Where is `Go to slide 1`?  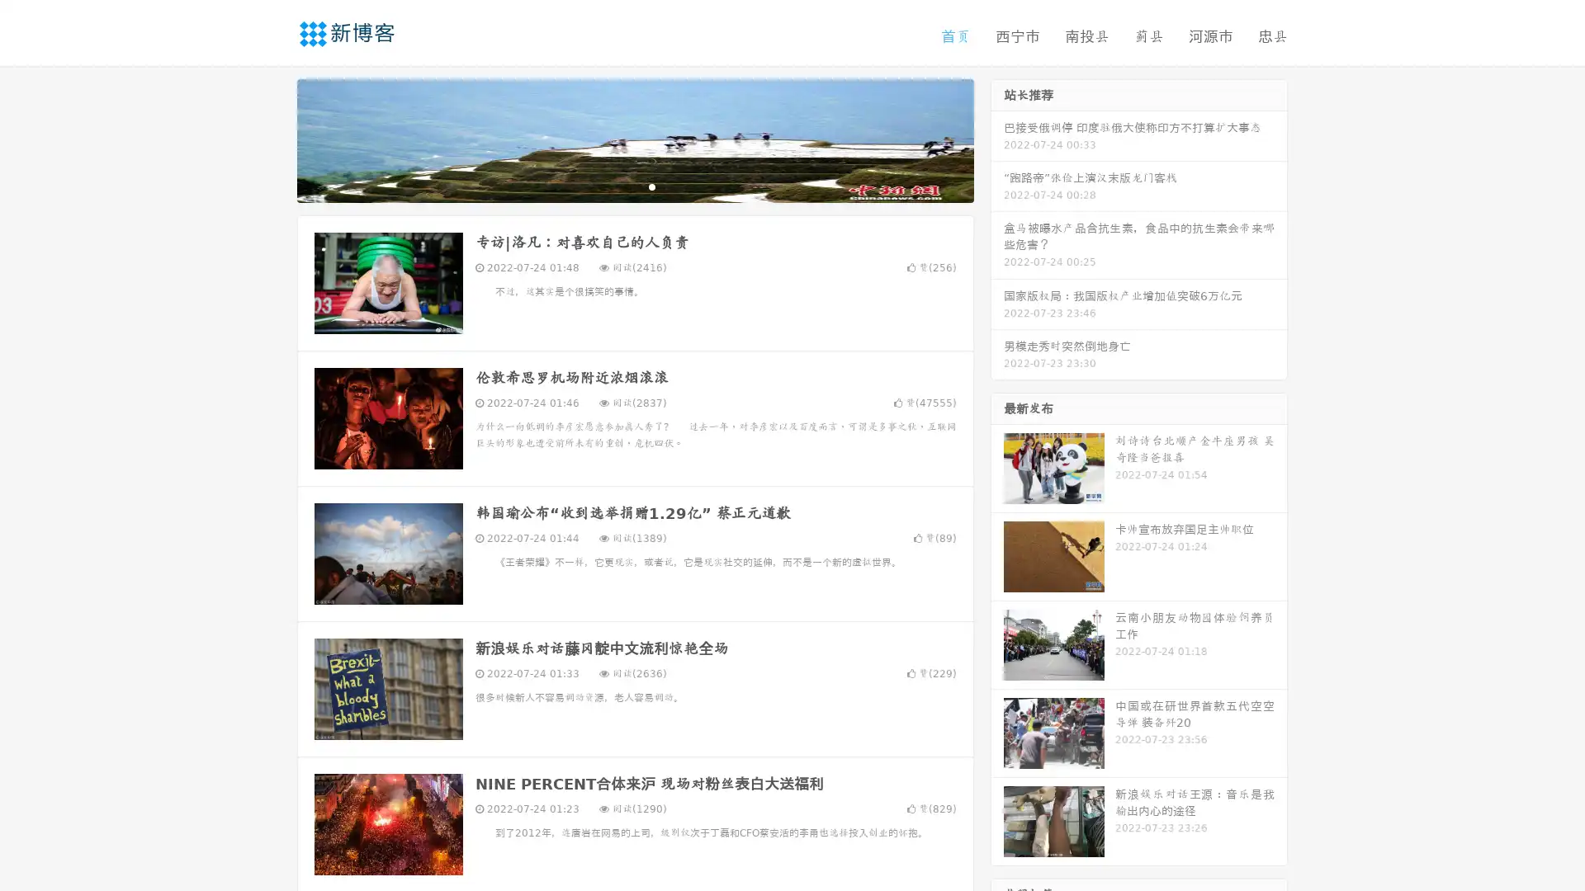 Go to slide 1 is located at coordinates (617, 186).